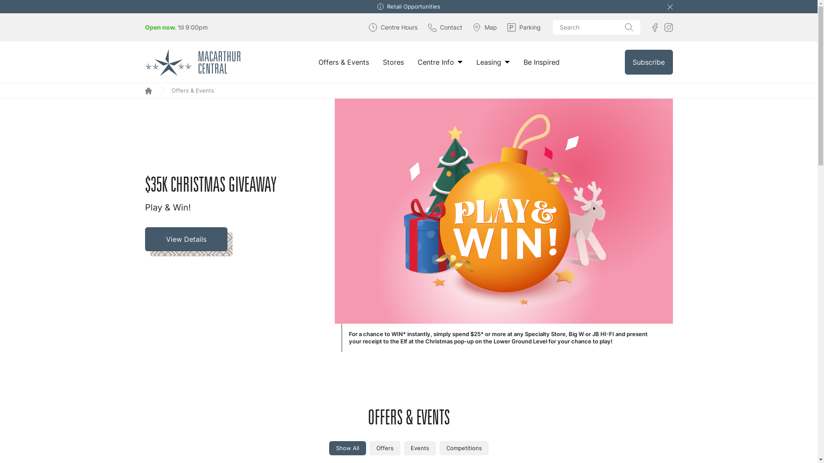 This screenshot has width=824, height=463. Describe the element at coordinates (417, 62) in the screenshot. I see `'Centre Info'` at that location.